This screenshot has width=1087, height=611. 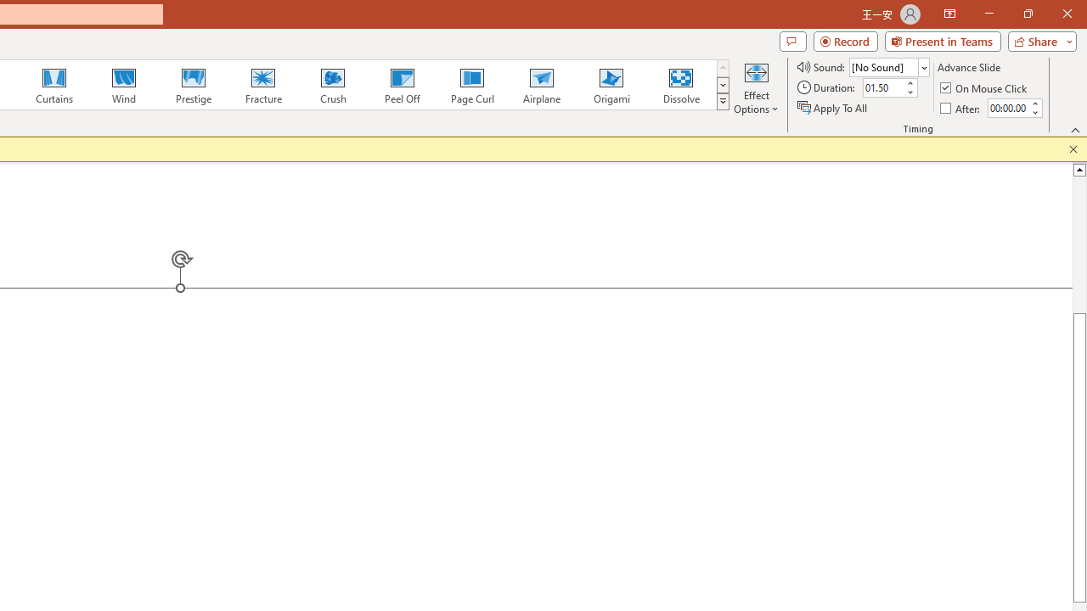 I want to click on 'Prestige', so click(x=193, y=85).